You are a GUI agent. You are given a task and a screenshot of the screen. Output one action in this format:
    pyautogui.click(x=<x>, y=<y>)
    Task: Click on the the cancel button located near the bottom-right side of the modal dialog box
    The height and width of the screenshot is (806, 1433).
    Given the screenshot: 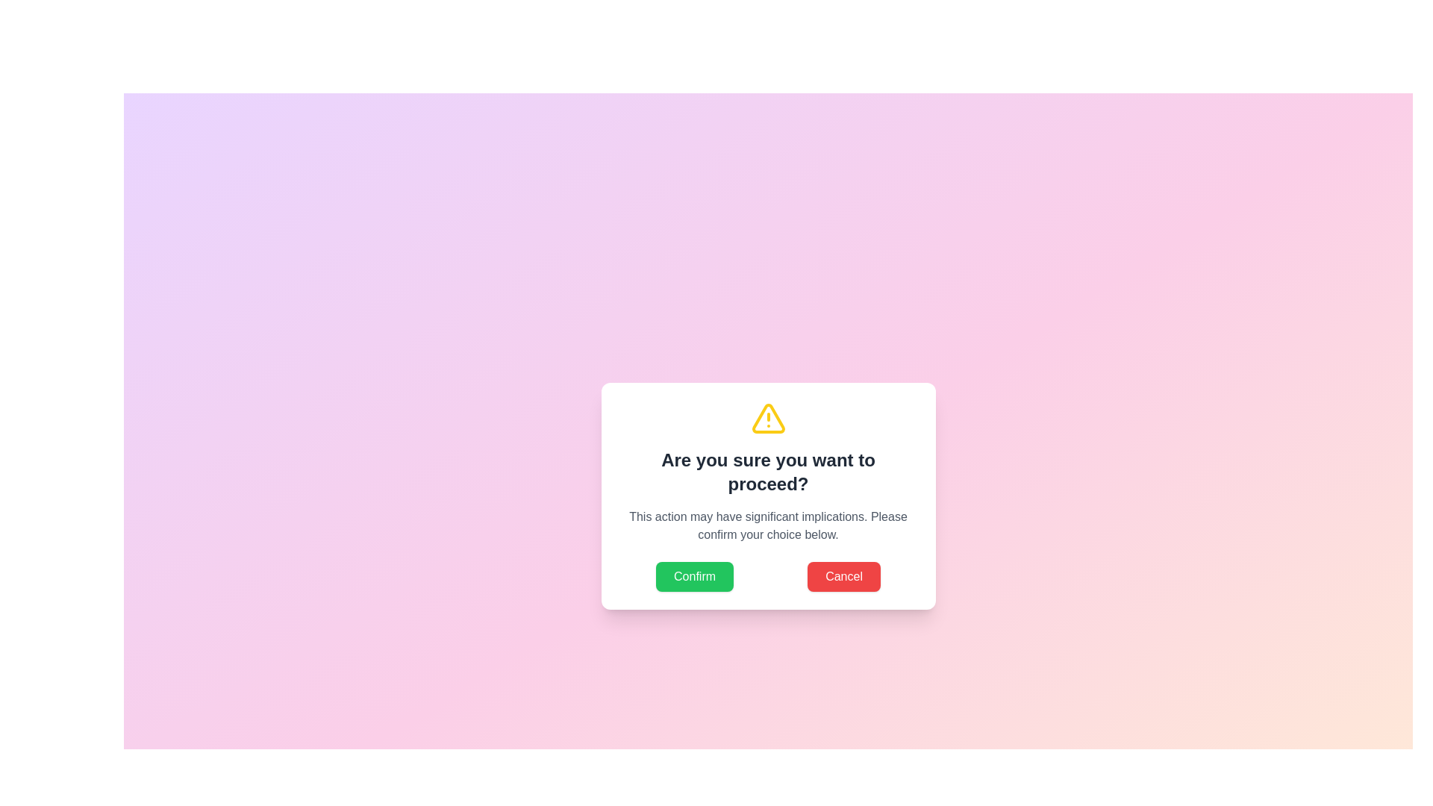 What is the action you would take?
    pyautogui.click(x=844, y=575)
    